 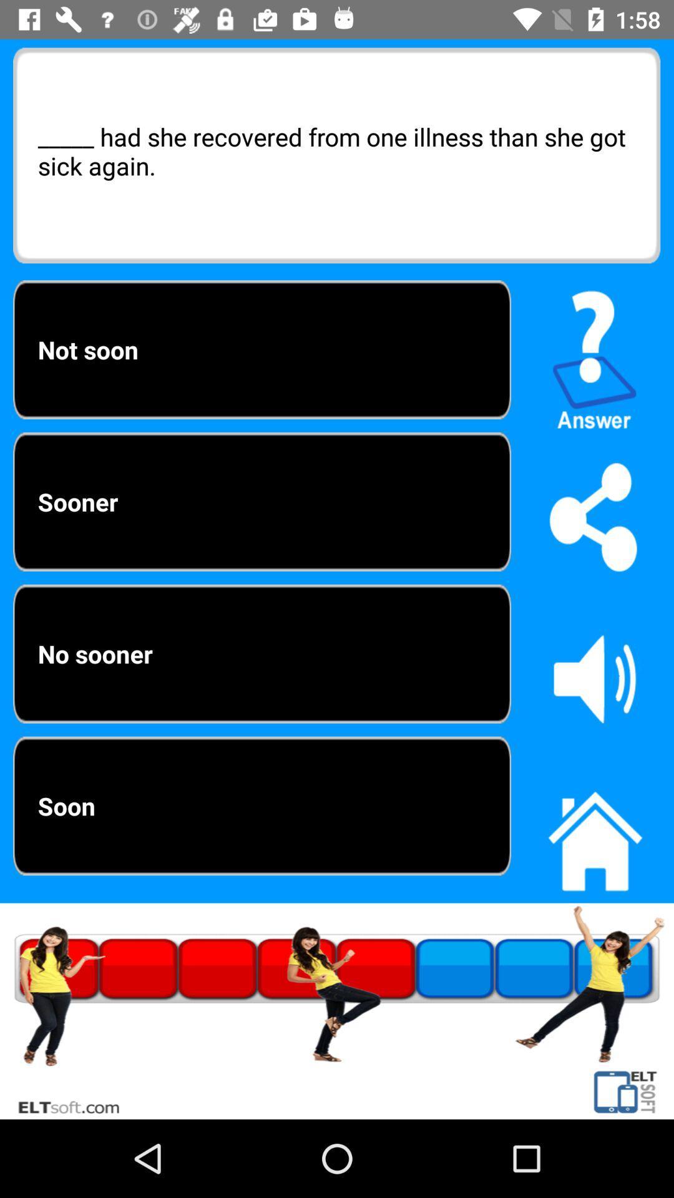 What do you see at coordinates (594, 834) in the screenshot?
I see `homepage` at bounding box center [594, 834].